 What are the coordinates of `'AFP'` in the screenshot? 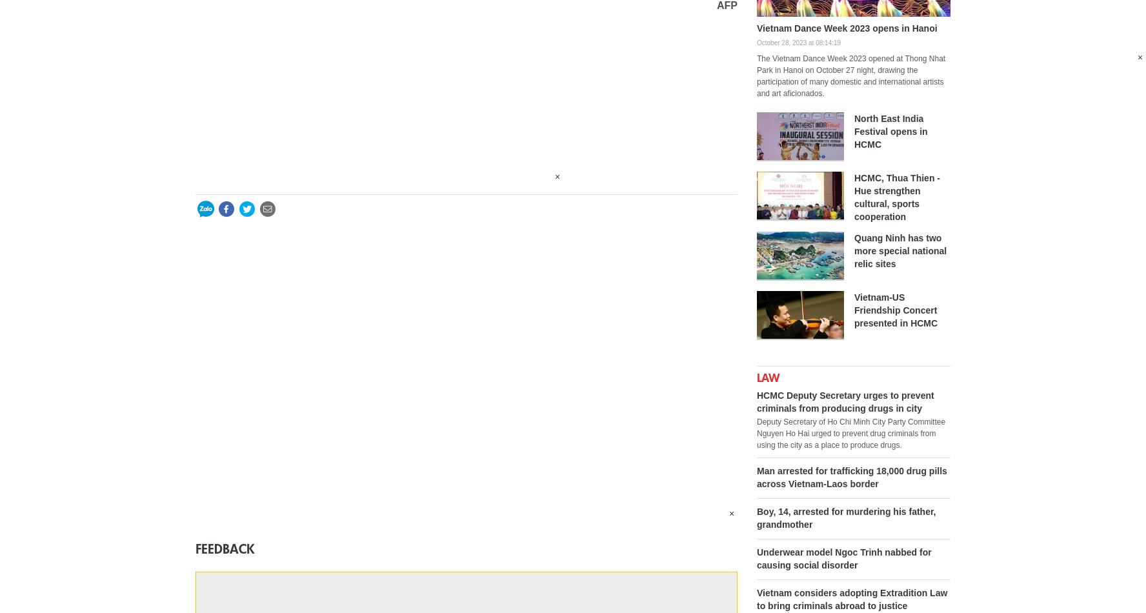 It's located at (727, 5).